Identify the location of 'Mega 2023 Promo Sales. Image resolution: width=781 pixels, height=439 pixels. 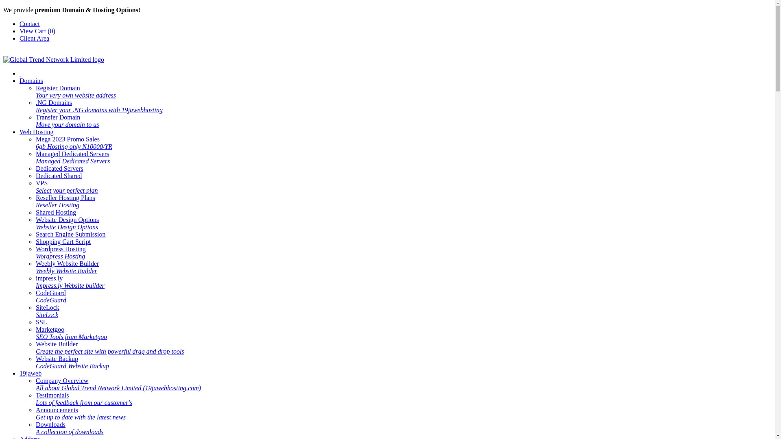
(74, 142).